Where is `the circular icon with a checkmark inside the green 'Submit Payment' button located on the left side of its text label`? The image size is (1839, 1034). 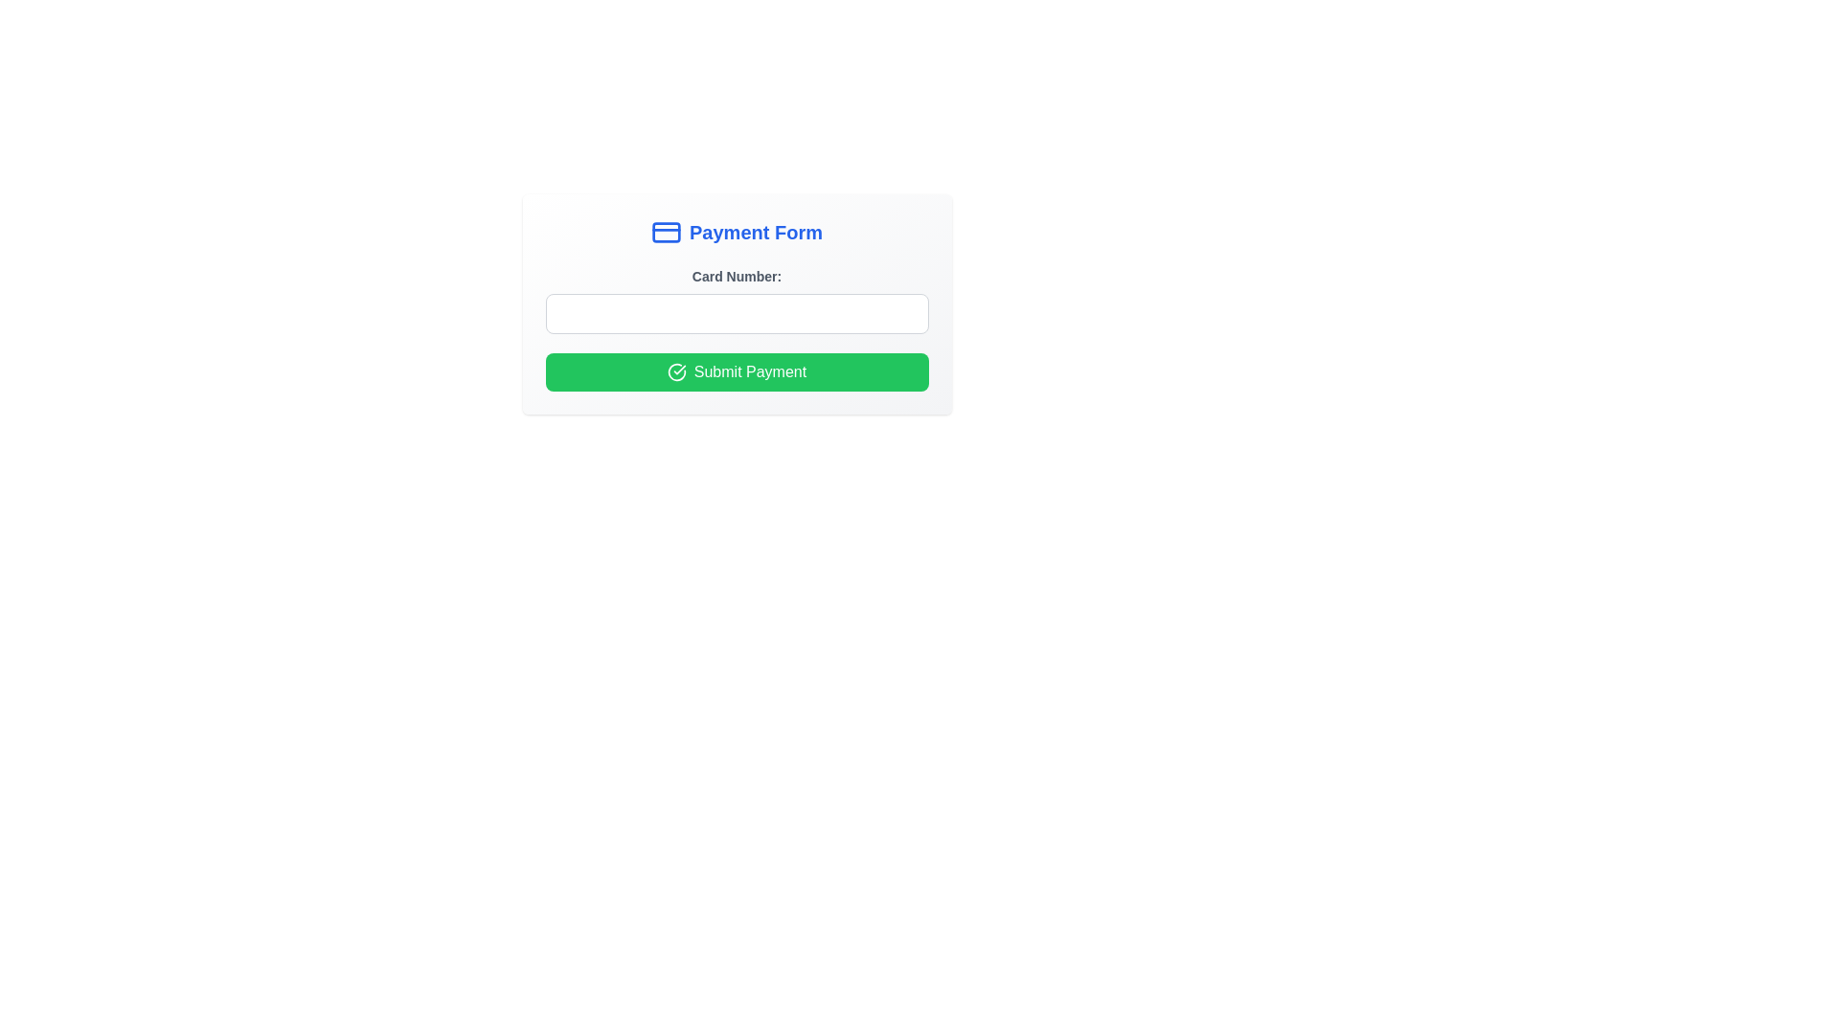
the circular icon with a checkmark inside the green 'Submit Payment' button located on the left side of its text label is located at coordinates (676, 372).